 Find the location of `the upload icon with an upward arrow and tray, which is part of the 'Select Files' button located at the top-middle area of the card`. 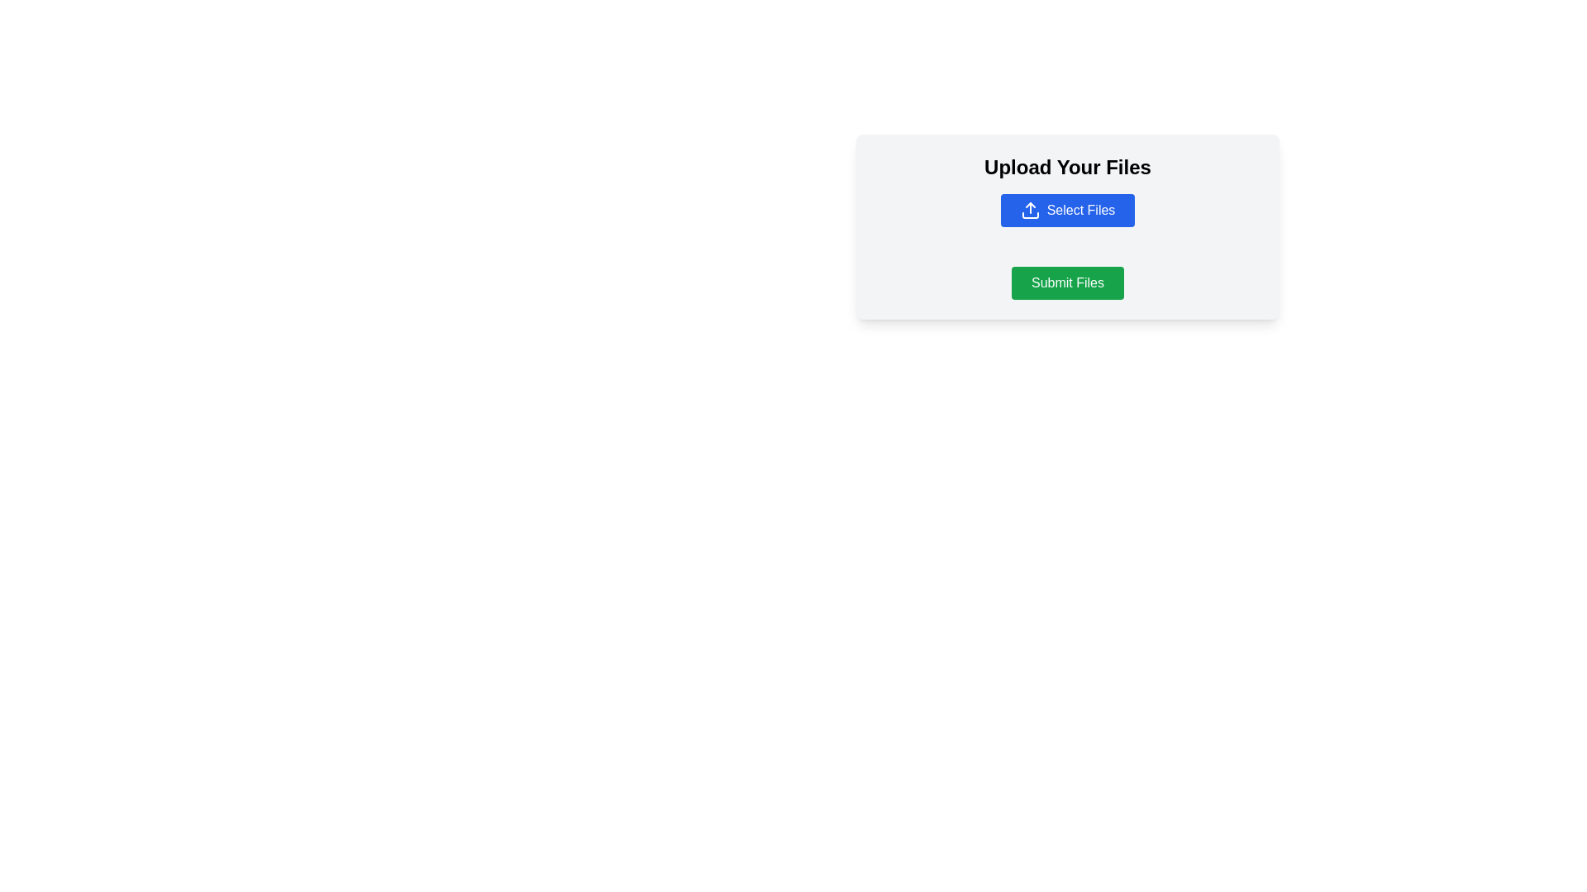

the upload icon with an upward arrow and tray, which is part of the 'Select Files' button located at the top-middle area of the card is located at coordinates (1029, 209).